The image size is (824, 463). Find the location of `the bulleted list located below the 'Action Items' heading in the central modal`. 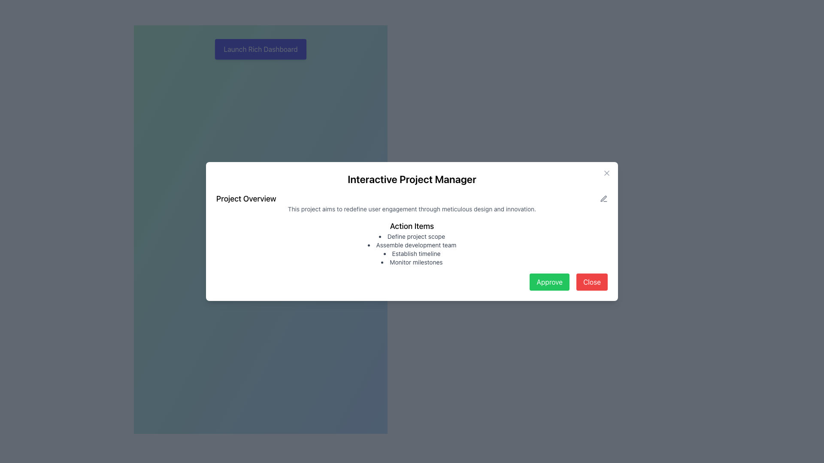

the bulleted list located below the 'Action Items' heading in the central modal is located at coordinates (412, 250).